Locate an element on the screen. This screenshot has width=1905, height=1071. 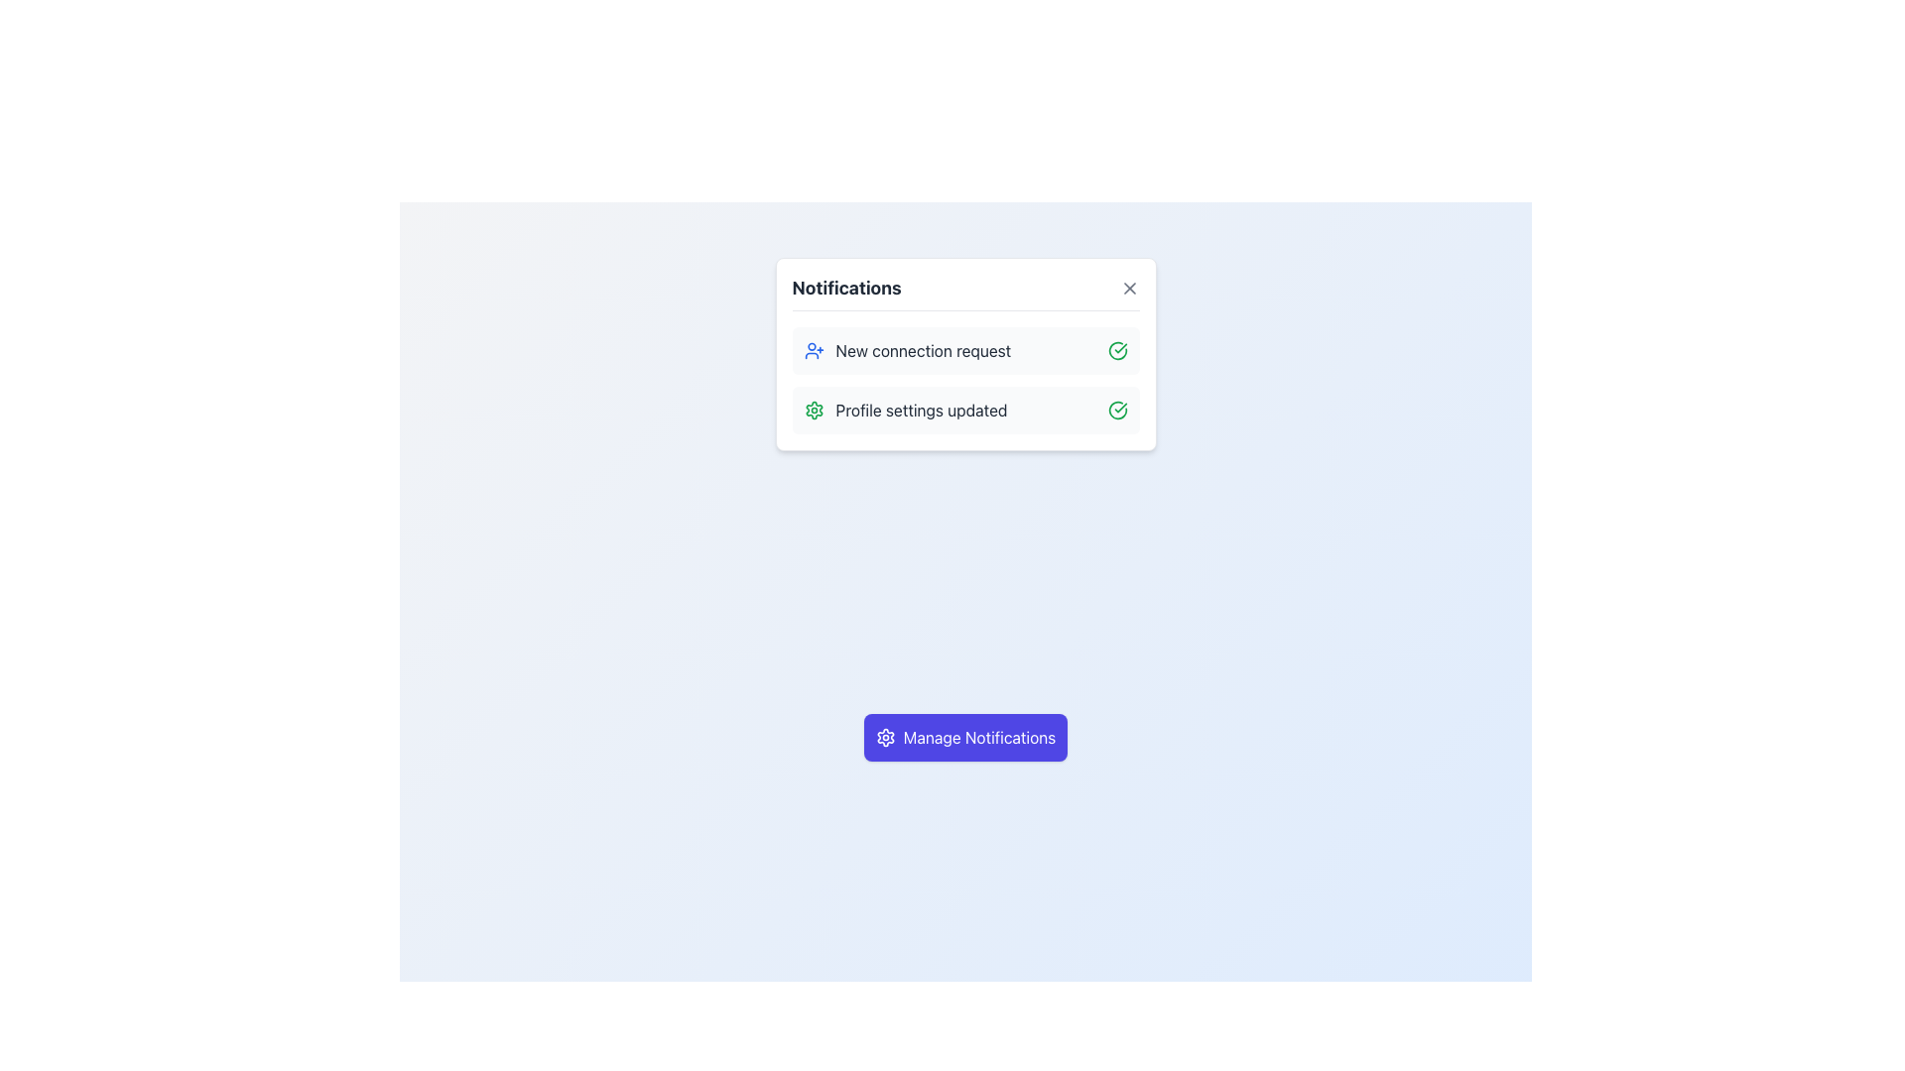
the settings icon located in the 'Profile settings updated' notification is located at coordinates (814, 409).